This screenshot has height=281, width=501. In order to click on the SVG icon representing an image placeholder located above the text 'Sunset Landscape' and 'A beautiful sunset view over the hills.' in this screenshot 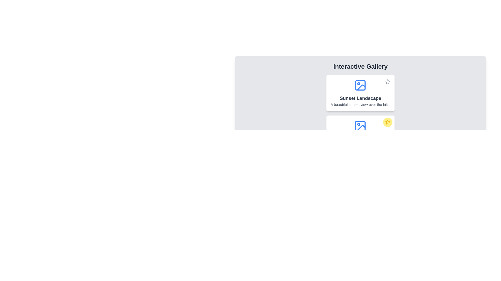, I will do `click(360, 85)`.